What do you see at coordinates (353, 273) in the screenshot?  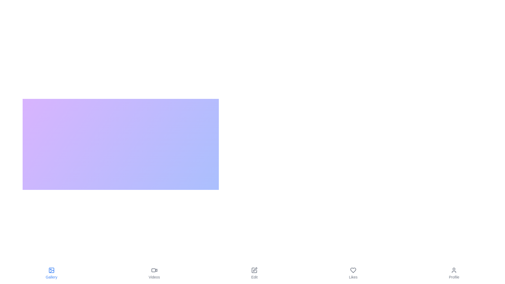 I see `the tab labeled Likes to observe its hover effect` at bounding box center [353, 273].